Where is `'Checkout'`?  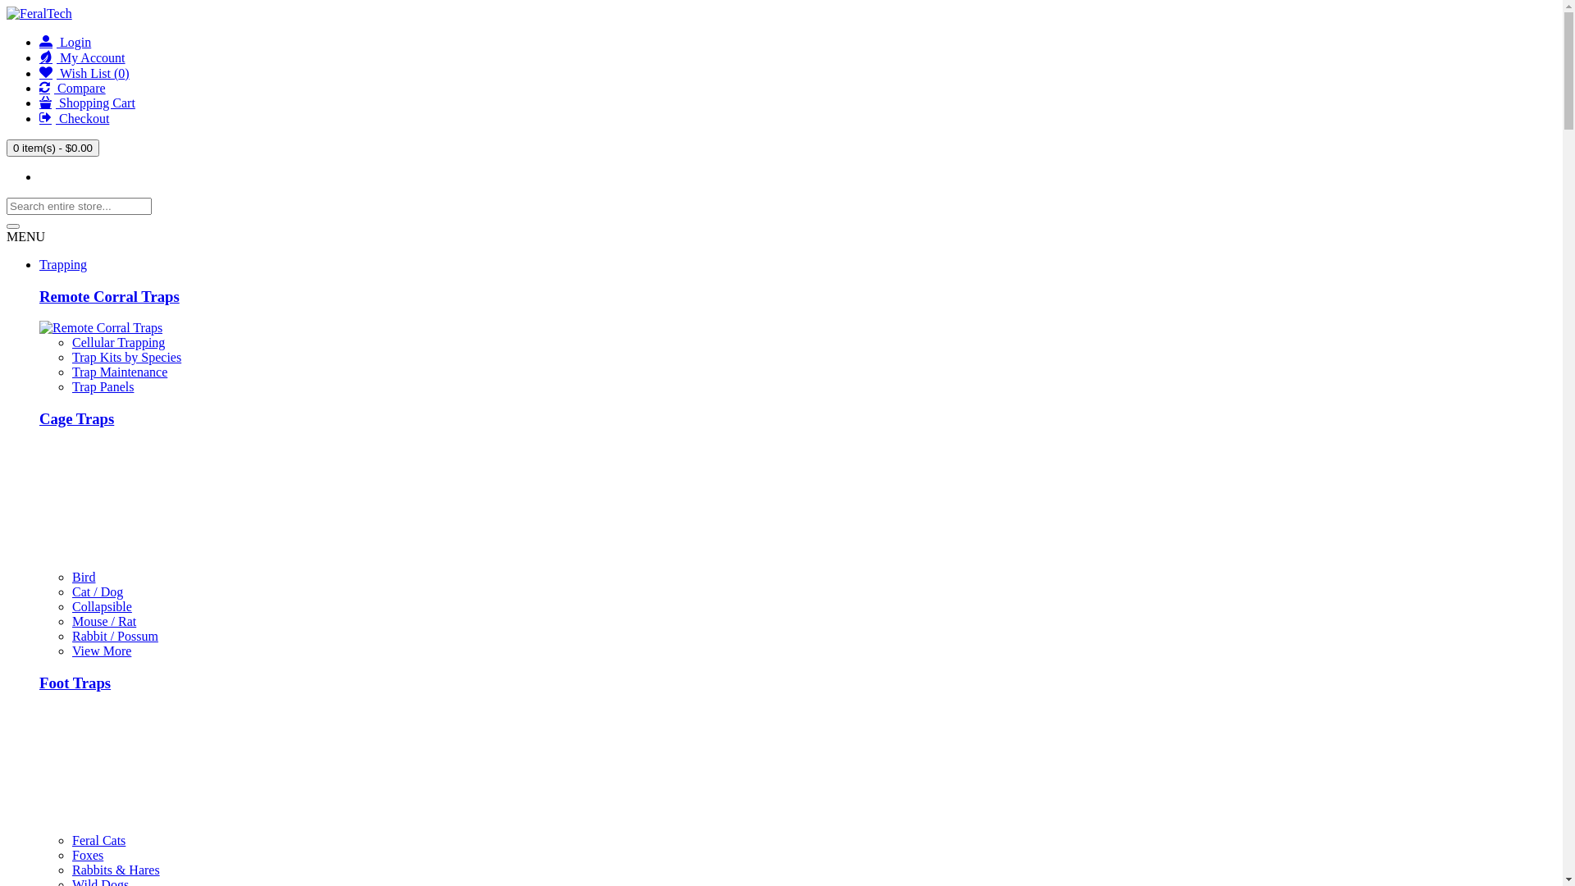 'Checkout' is located at coordinates (73, 117).